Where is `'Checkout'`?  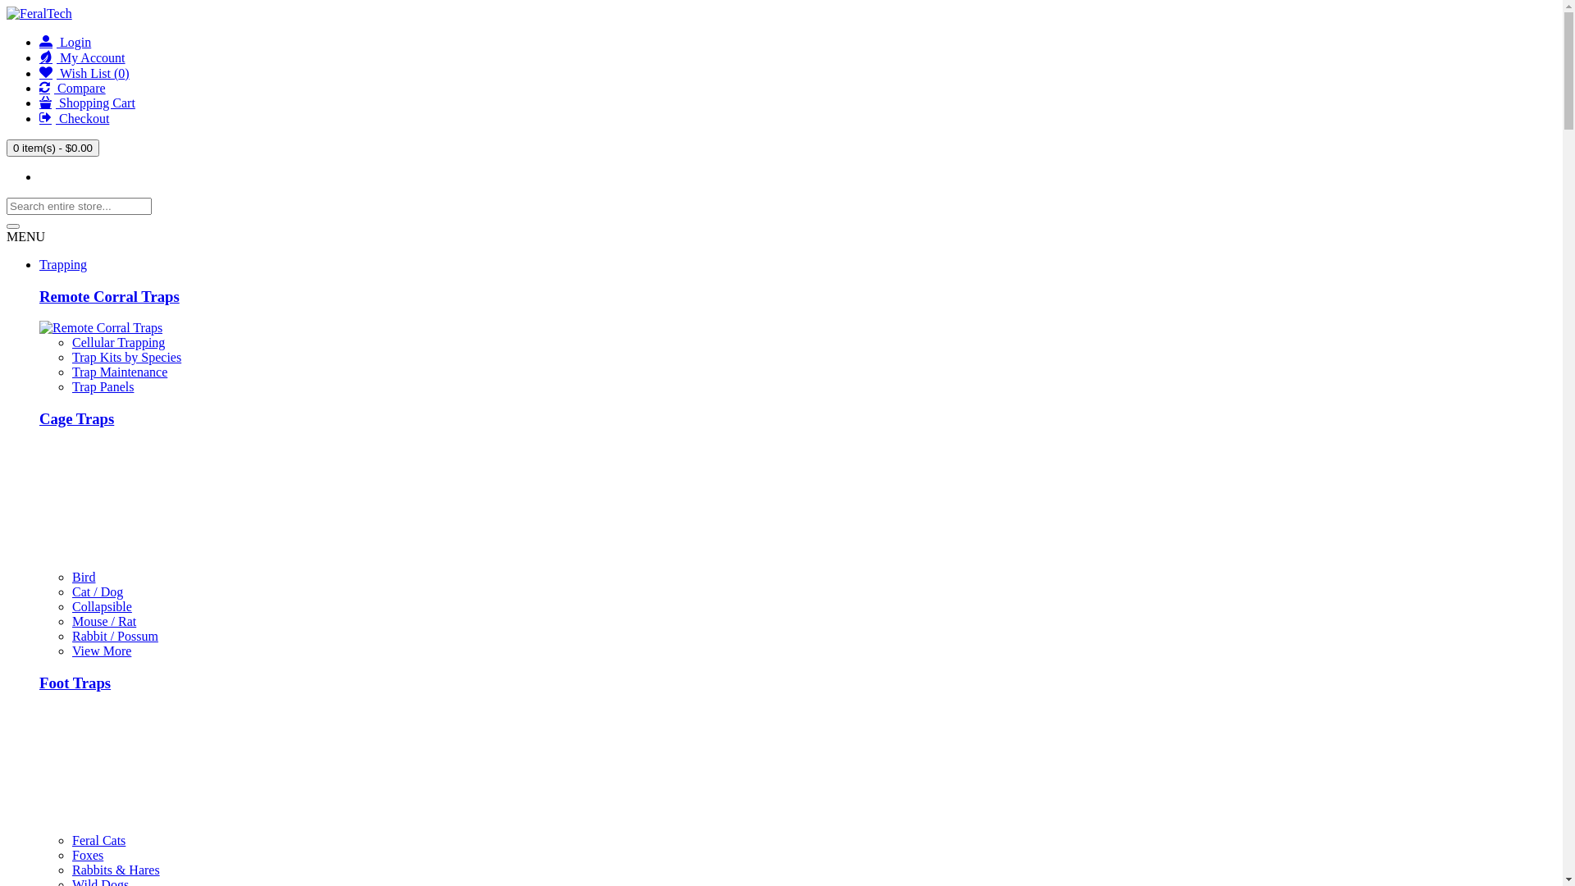 'Checkout' is located at coordinates (73, 117).